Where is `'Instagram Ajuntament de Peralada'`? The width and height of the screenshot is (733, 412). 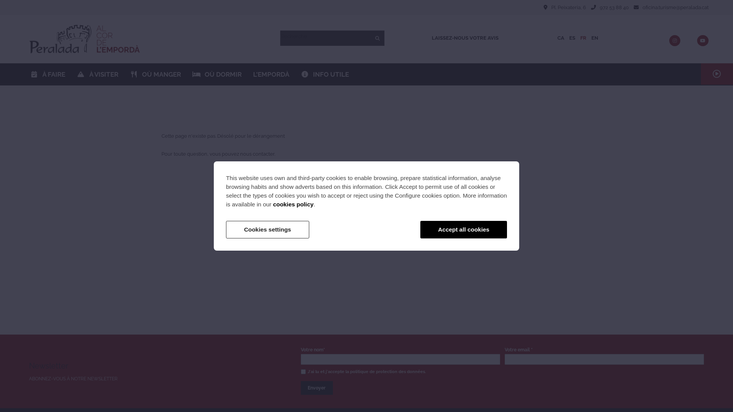
'Instagram Ajuntament de Peralada' is located at coordinates (675, 41).